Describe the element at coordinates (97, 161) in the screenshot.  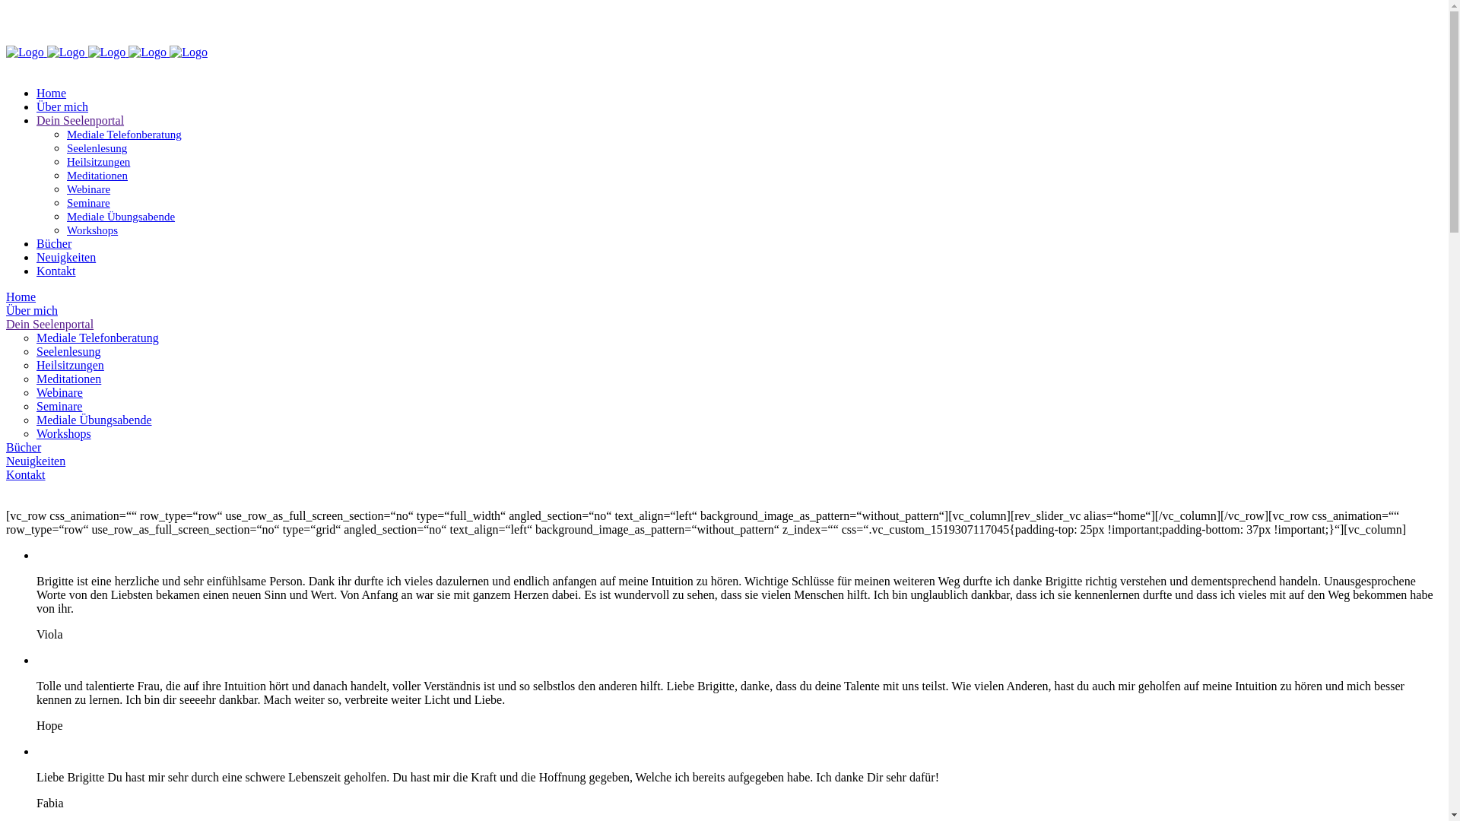
I see `'Heilsitzungen'` at that location.